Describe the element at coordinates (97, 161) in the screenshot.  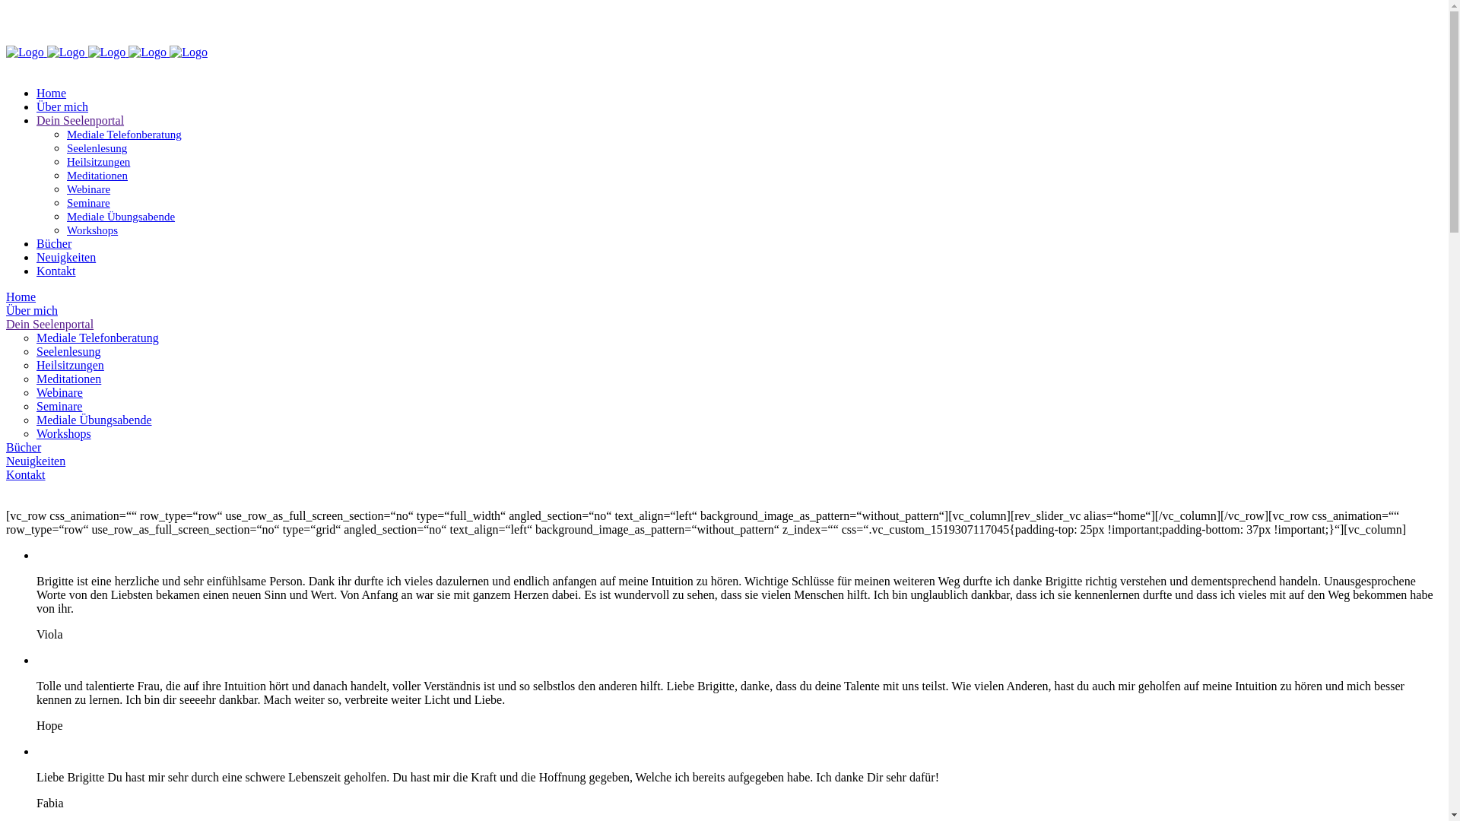
I see `'Heilsitzungen'` at that location.